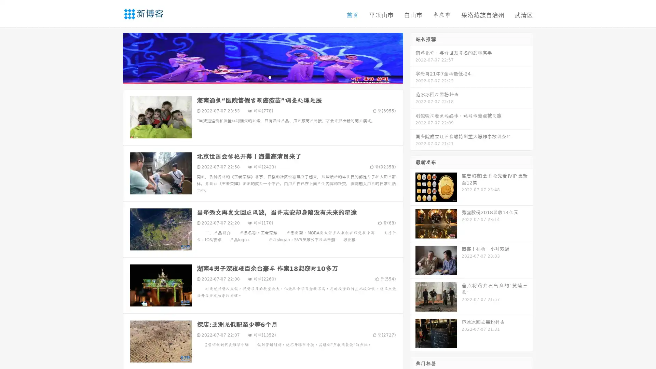 The image size is (656, 369). Describe the element at coordinates (413, 57) in the screenshot. I see `Next slide` at that location.